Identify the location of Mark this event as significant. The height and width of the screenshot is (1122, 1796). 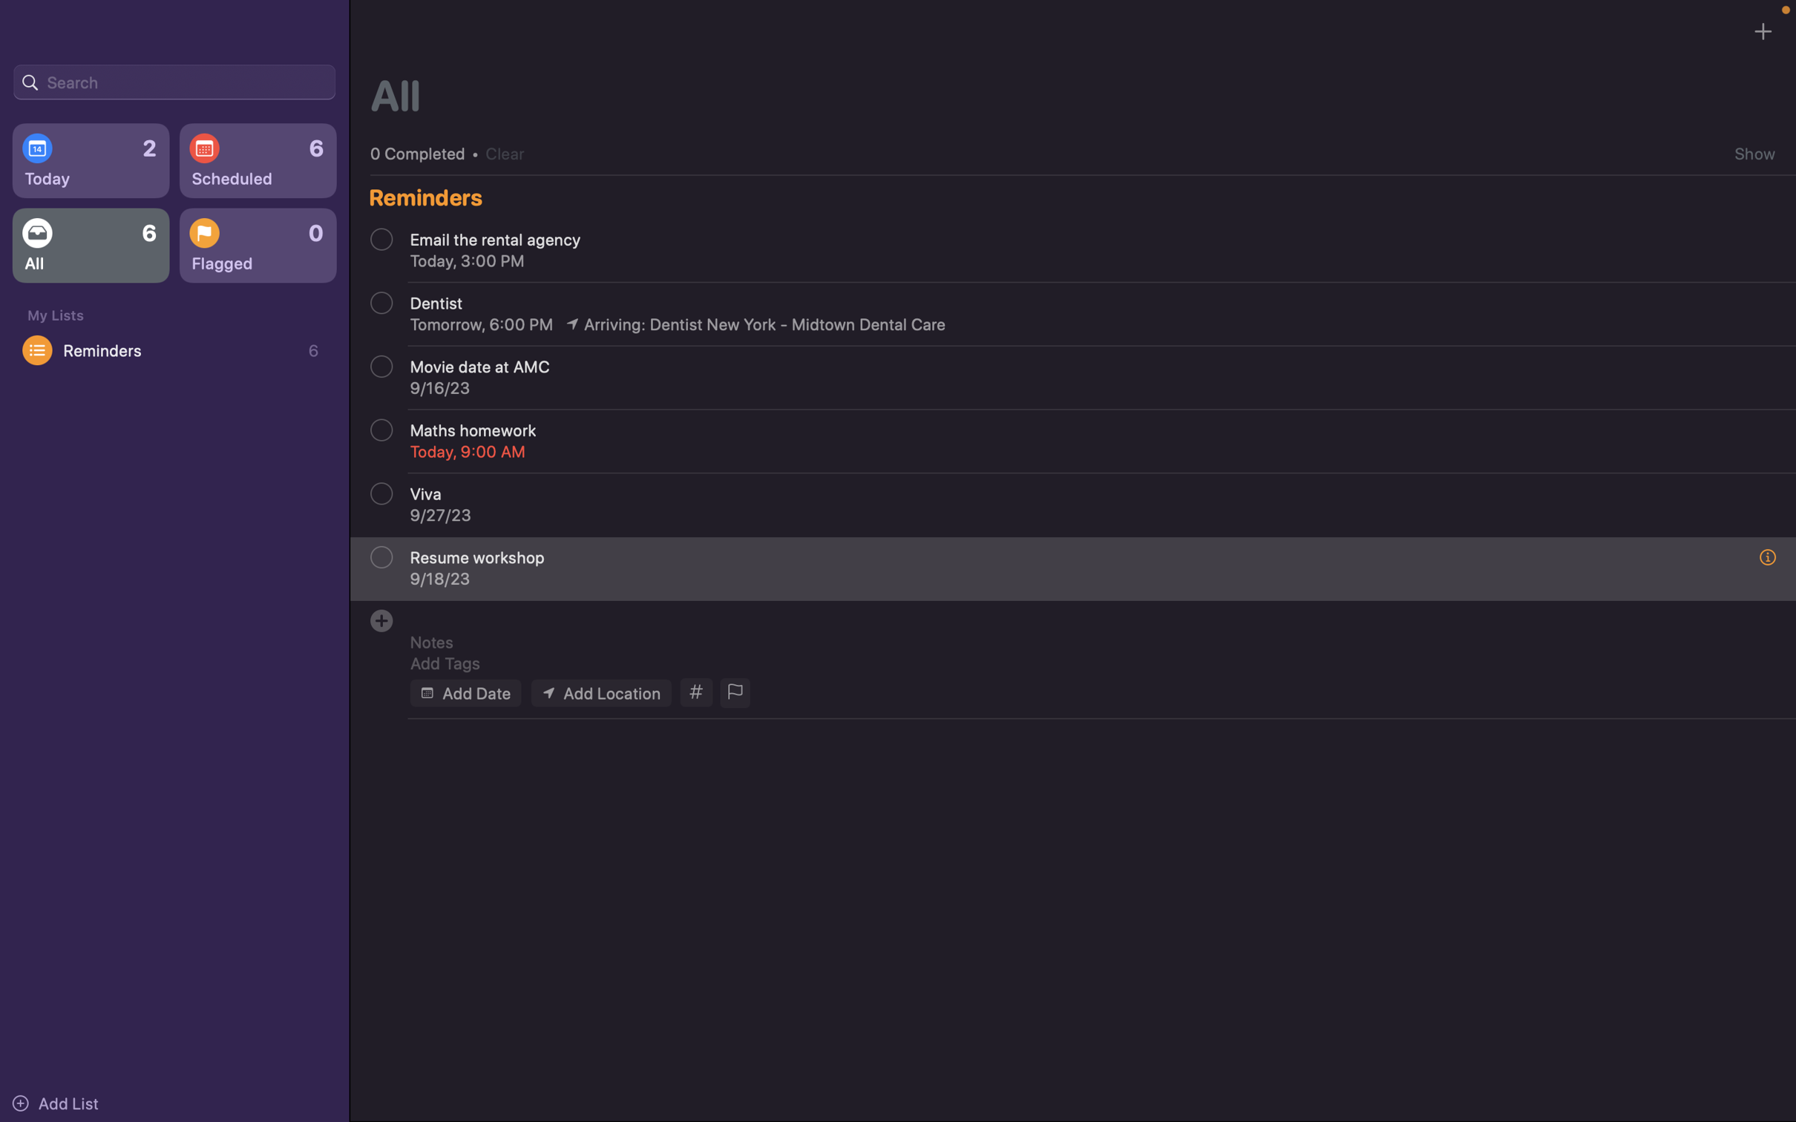
(733, 693).